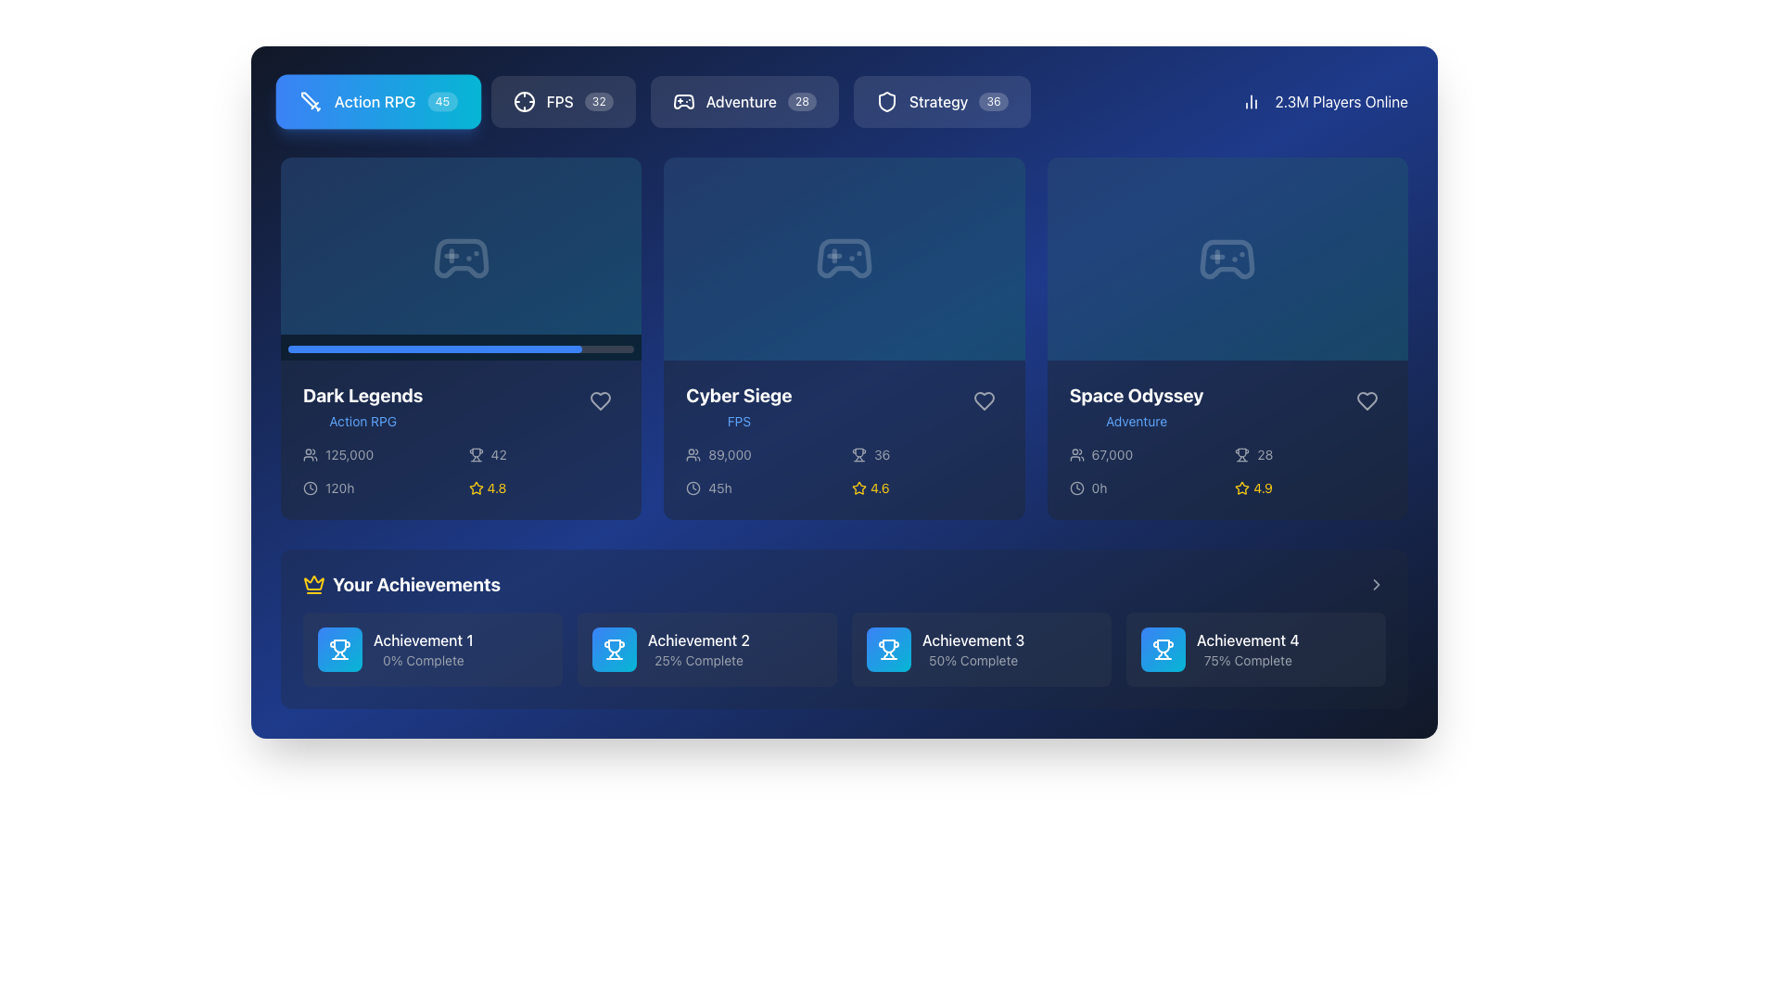 This screenshot has width=1780, height=1001. Describe the element at coordinates (693, 454) in the screenshot. I see `the user-related statistic icon located to the left of the text '89,000' on the 'Cyber Siege' card, which is the second card in the top row of cards` at that location.